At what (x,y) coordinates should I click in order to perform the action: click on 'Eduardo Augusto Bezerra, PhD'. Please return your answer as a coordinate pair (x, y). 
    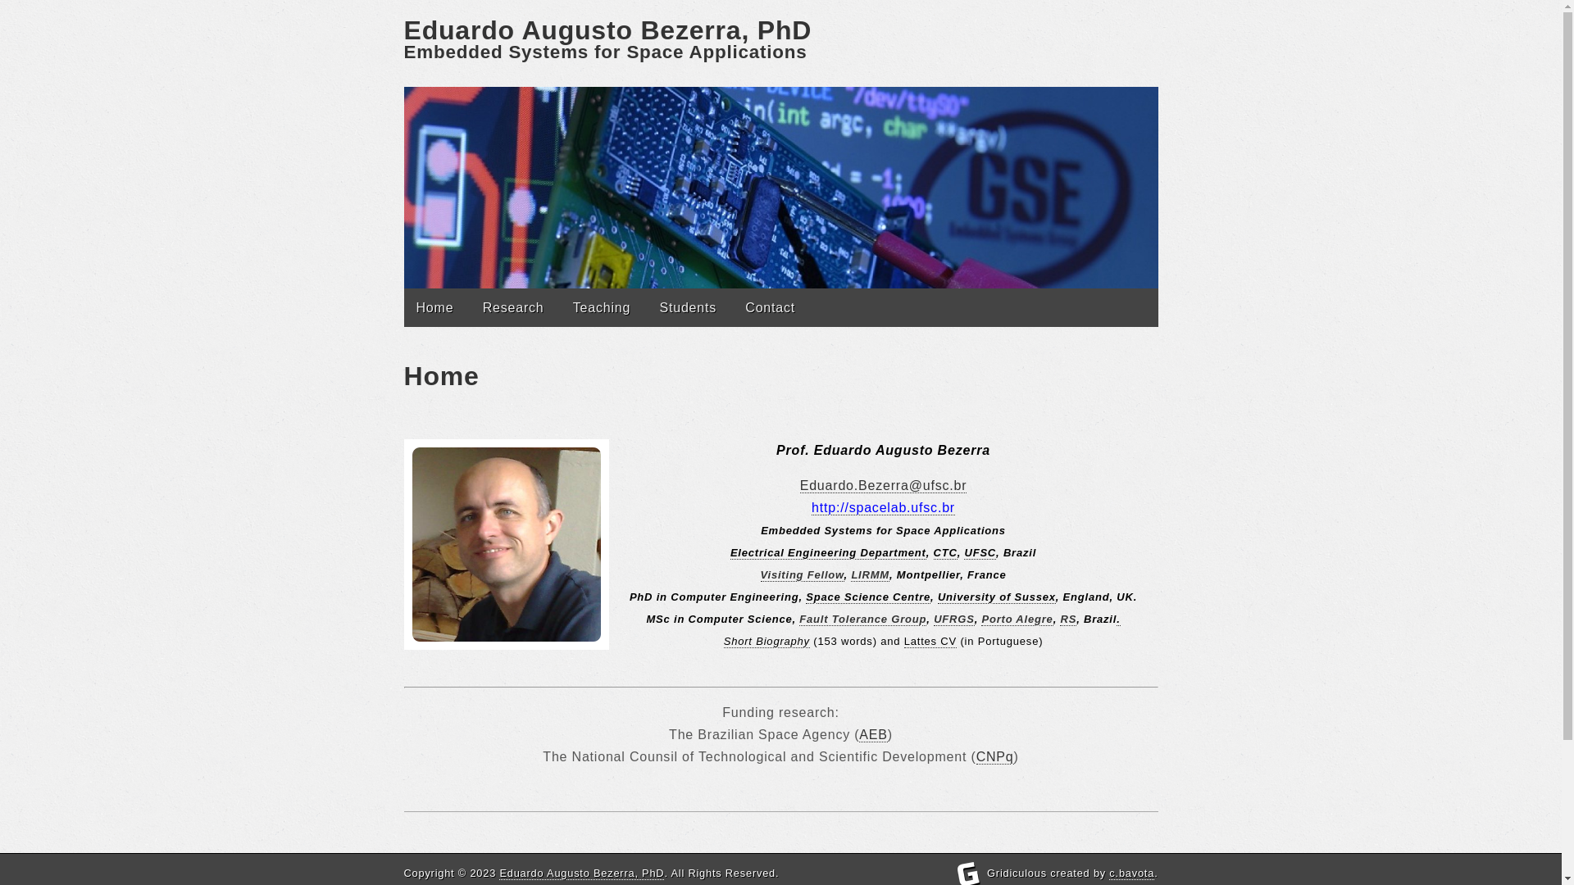
    Looking at the image, I should click on (581, 872).